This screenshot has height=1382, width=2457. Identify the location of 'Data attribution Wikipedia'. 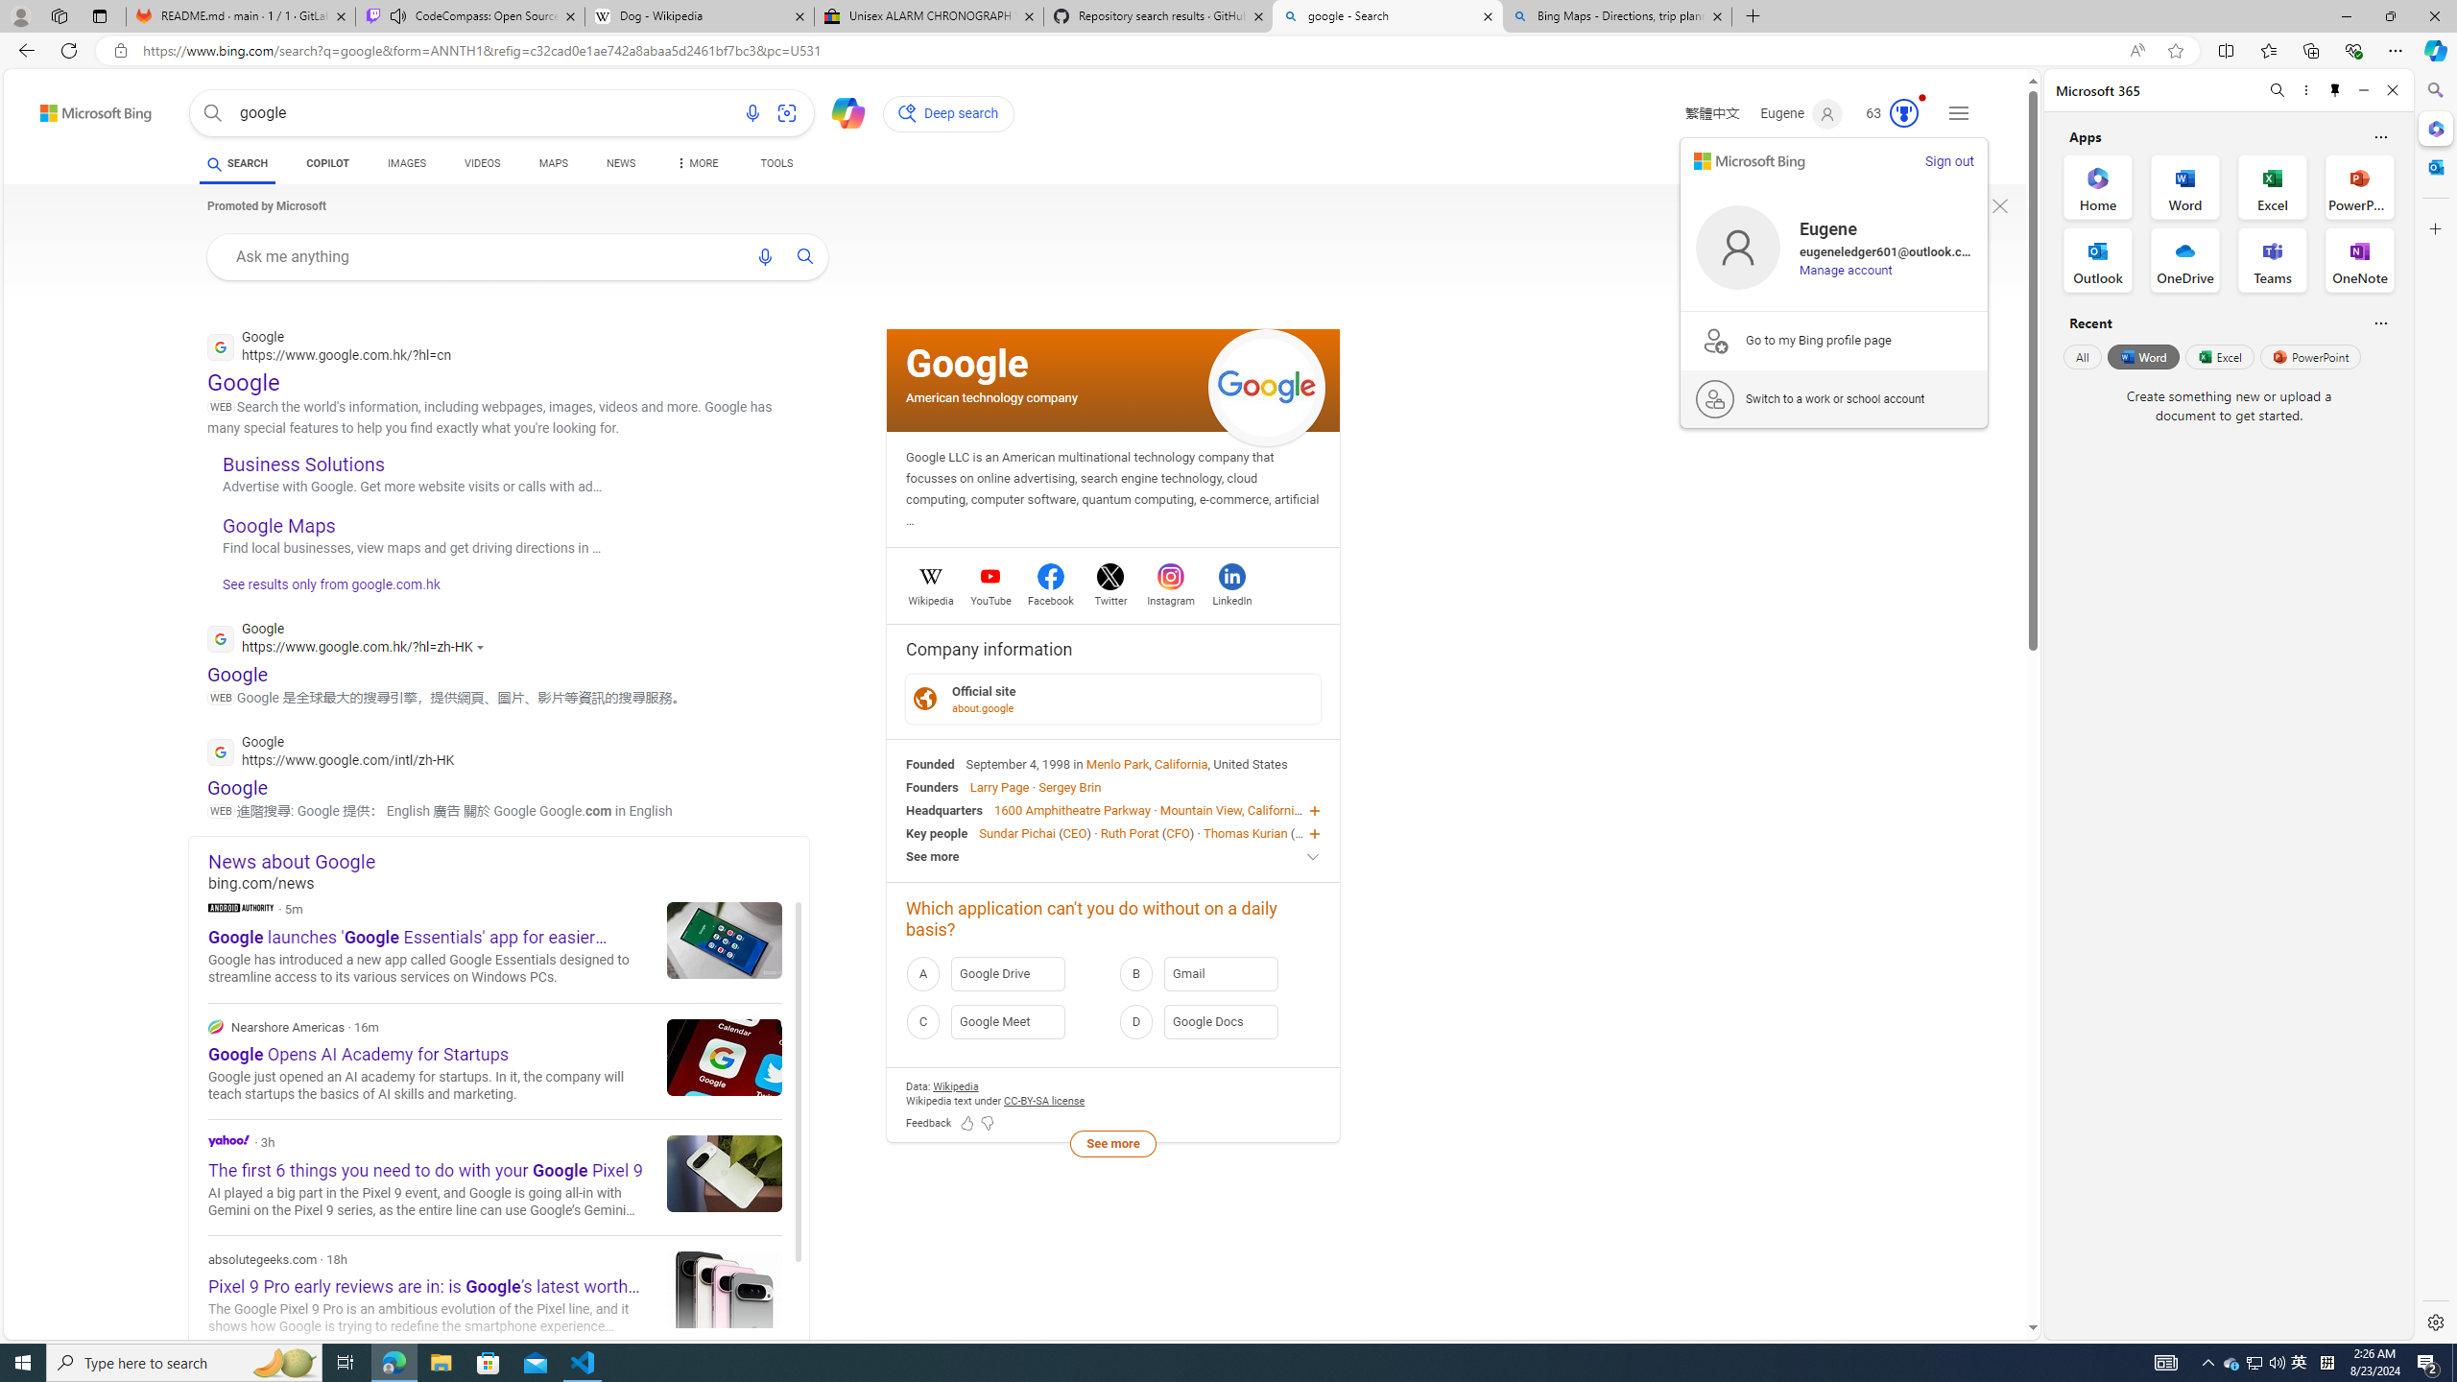
(954, 1084).